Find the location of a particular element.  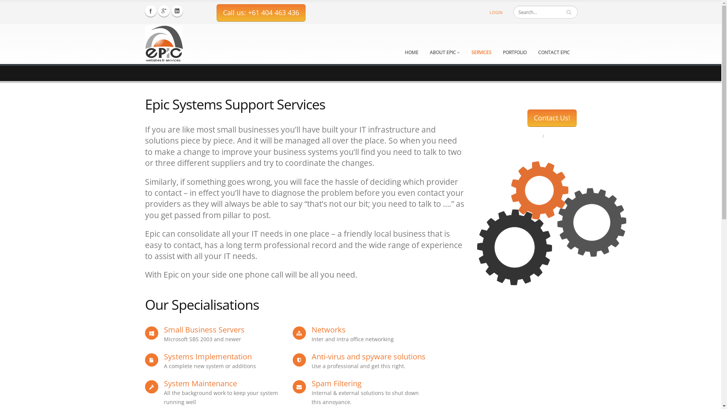

'Linkedin' is located at coordinates (176, 11).